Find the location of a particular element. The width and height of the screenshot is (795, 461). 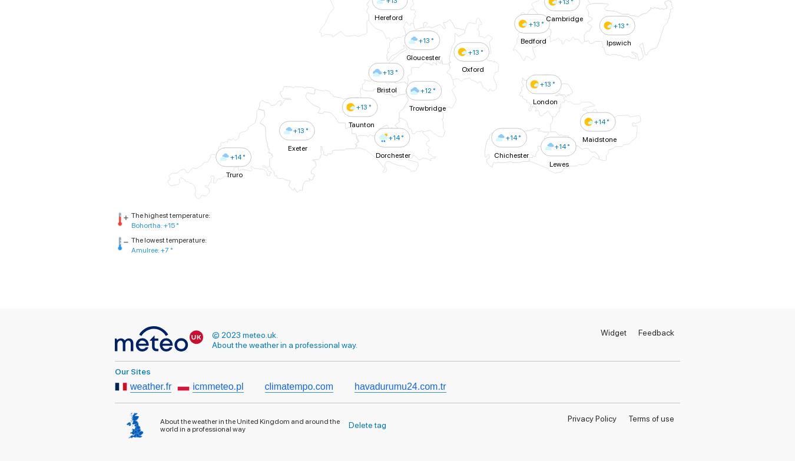

'Truro' is located at coordinates (234, 174).